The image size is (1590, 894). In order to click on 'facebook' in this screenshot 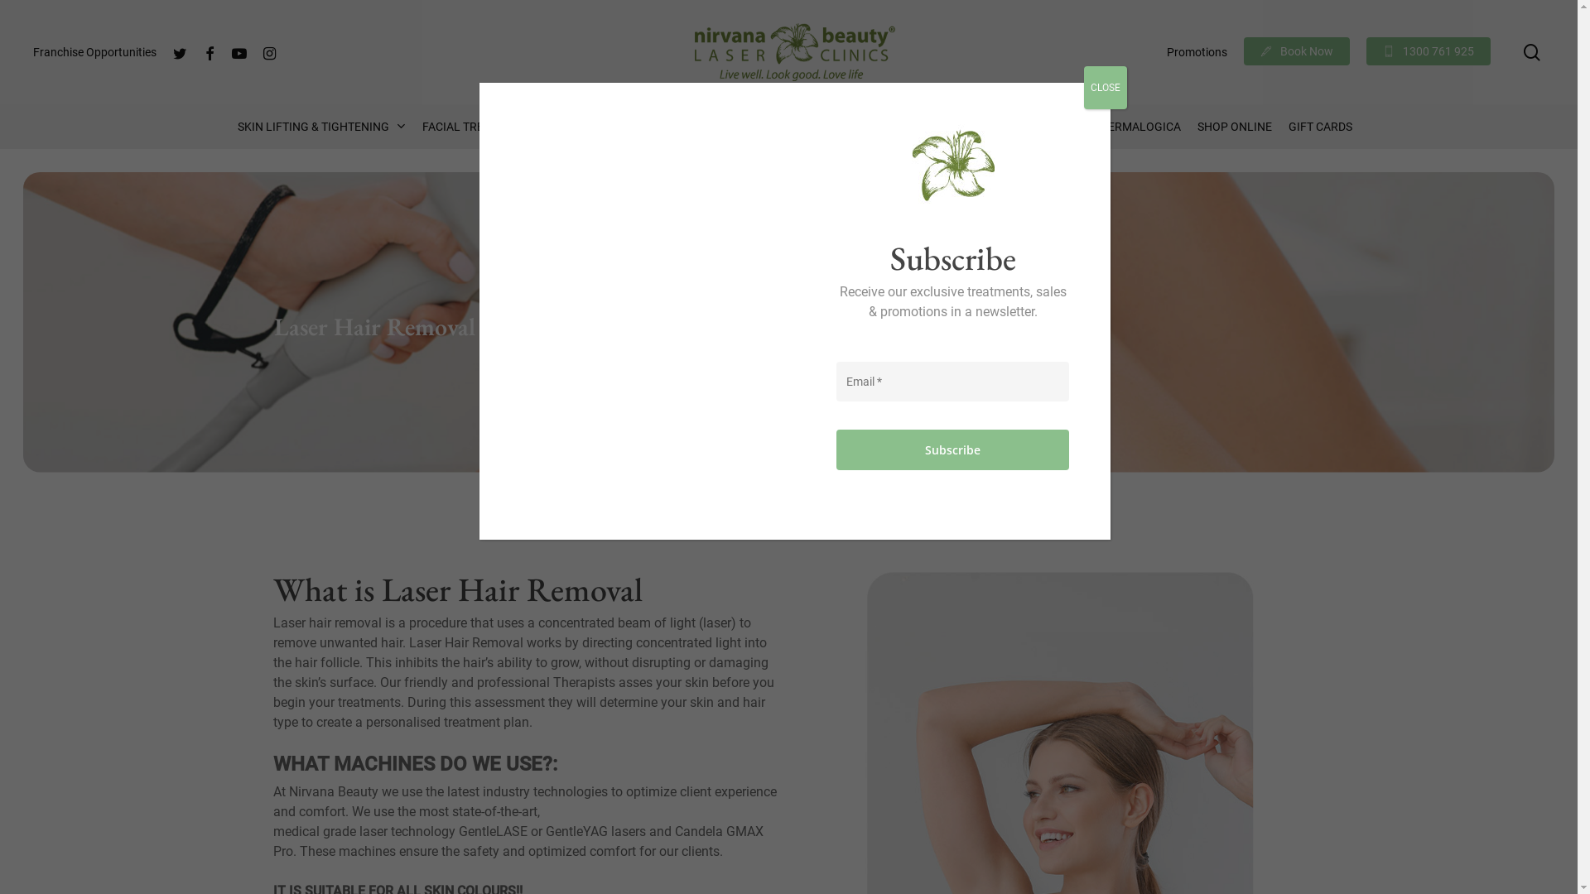, I will do `click(209, 50)`.